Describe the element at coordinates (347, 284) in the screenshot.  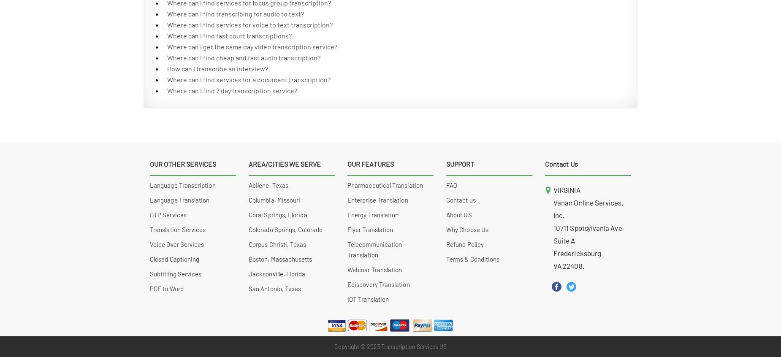
I see `'Ediscovery Translation'` at that location.